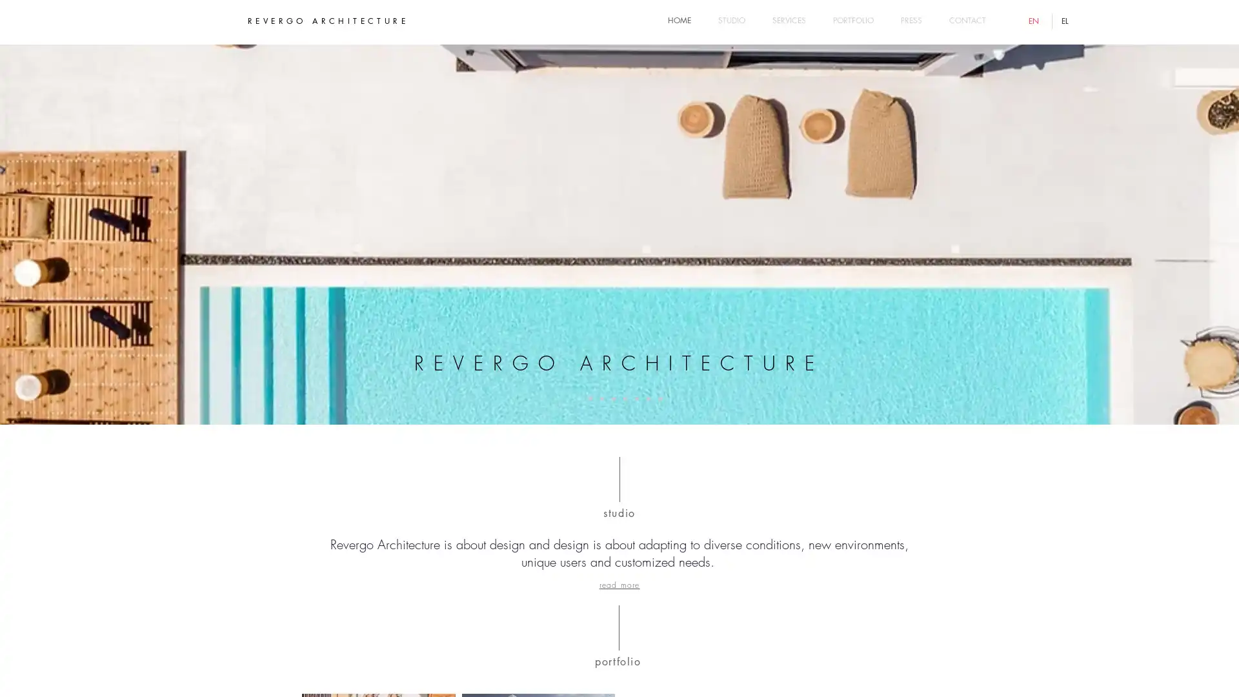 This screenshot has width=1239, height=697. I want to click on Greek, so click(1065, 21).